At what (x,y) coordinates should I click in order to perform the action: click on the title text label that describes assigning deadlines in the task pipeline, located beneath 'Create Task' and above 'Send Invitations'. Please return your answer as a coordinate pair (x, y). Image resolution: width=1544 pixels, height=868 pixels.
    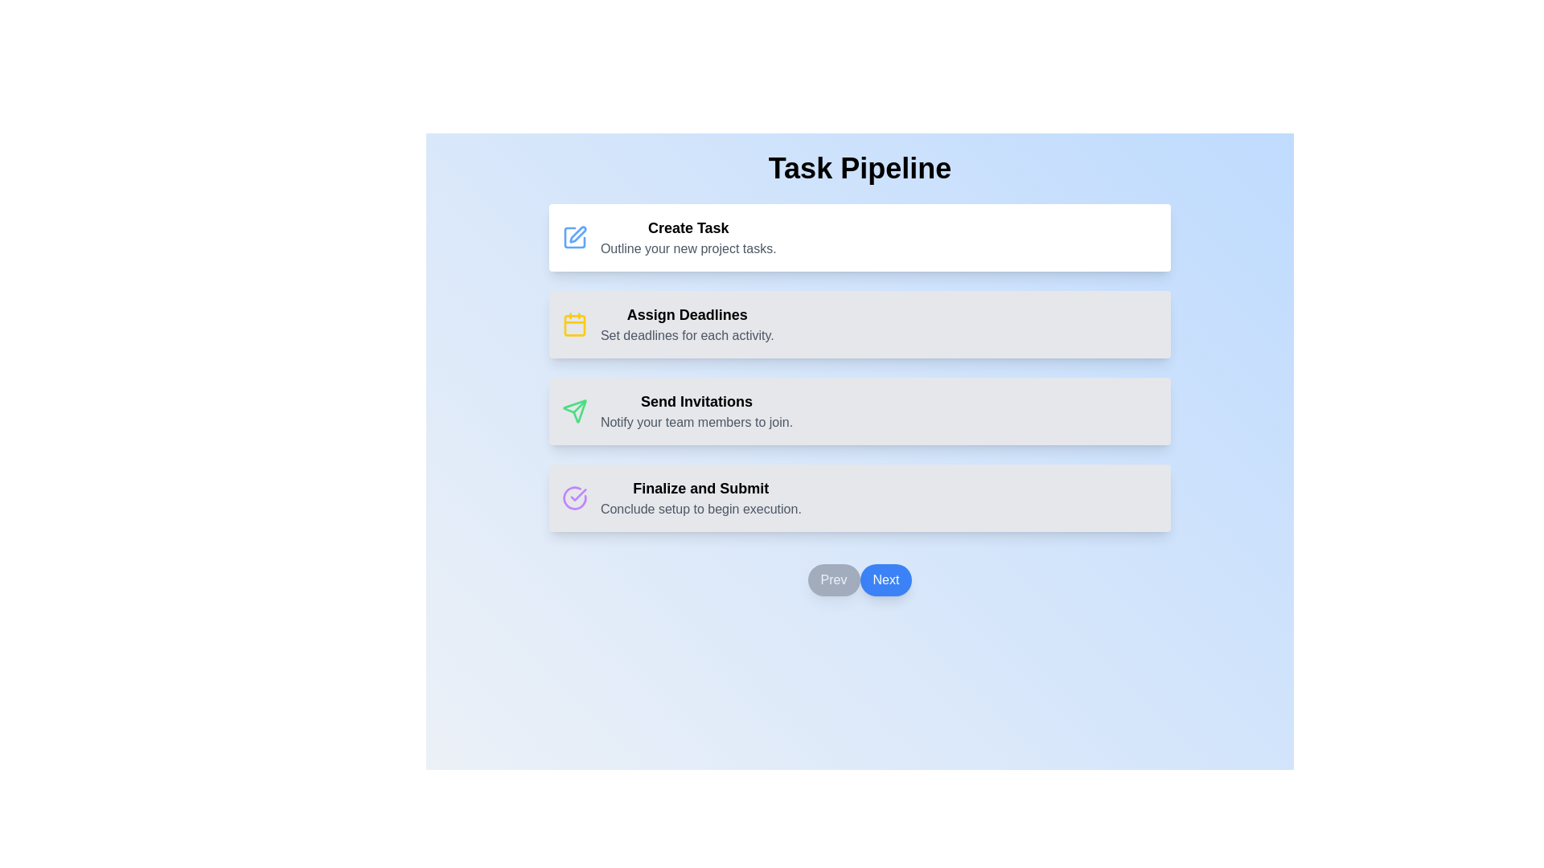
    Looking at the image, I should click on (687, 315).